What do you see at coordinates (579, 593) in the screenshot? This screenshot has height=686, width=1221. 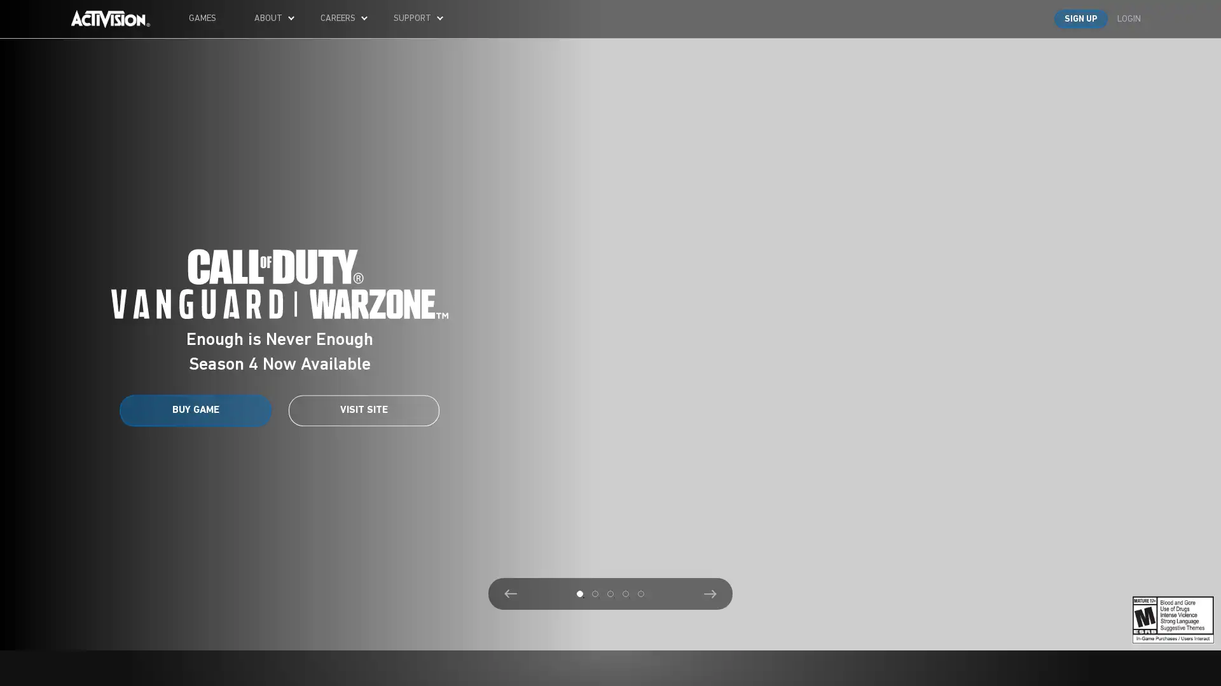 I see `1` at bounding box center [579, 593].